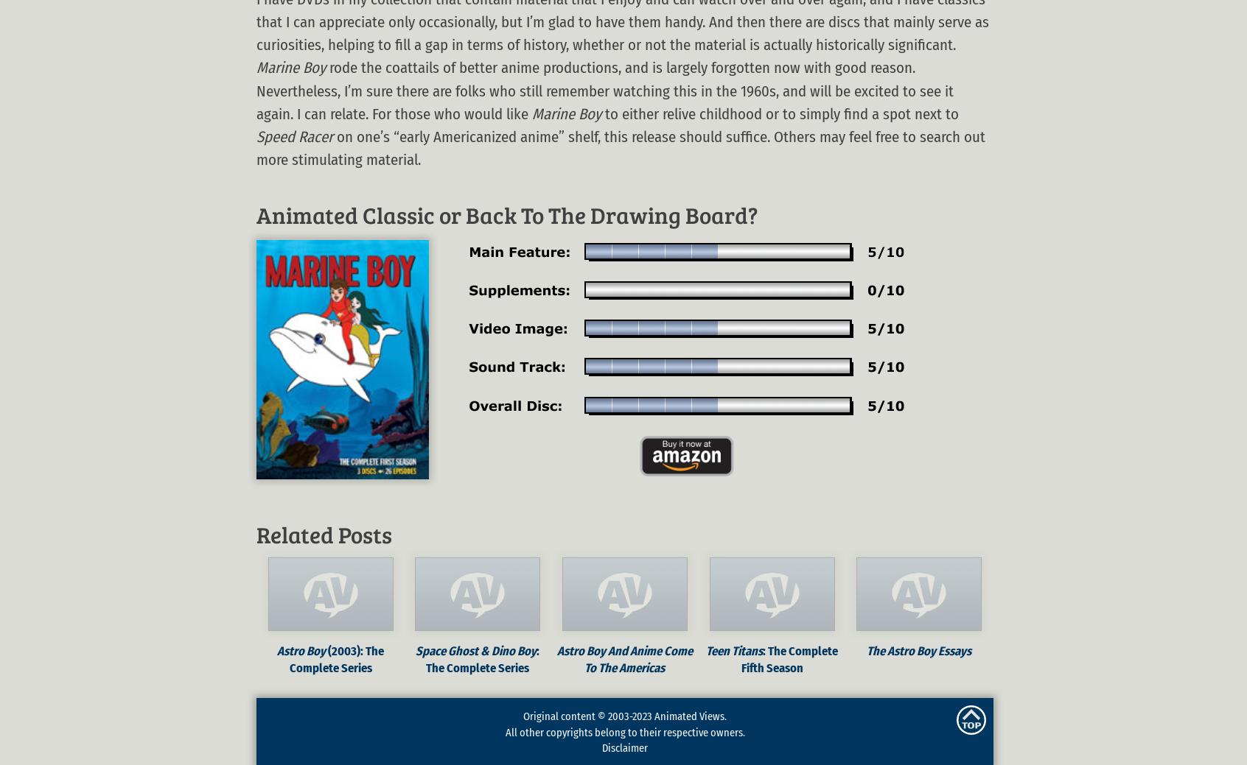 Image resolution: width=1247 pixels, height=765 pixels. I want to click on 'Astro Boy', so click(301, 650).